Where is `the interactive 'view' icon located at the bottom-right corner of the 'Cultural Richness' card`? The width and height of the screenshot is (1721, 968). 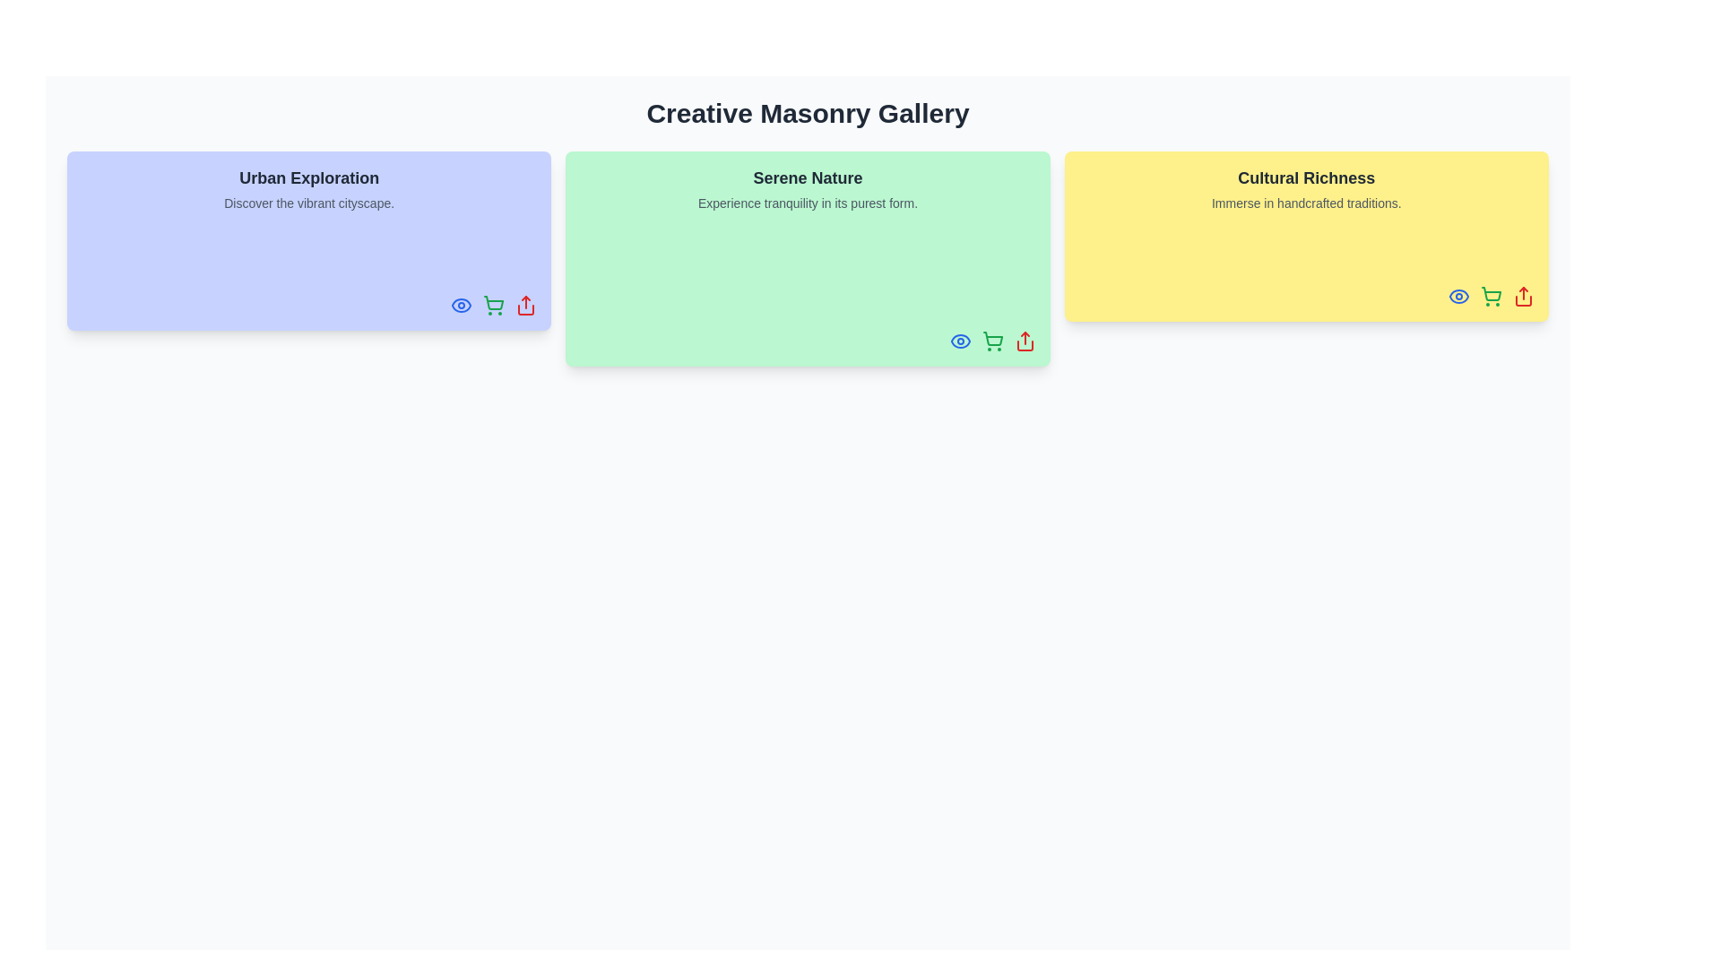 the interactive 'view' icon located at the bottom-right corner of the 'Cultural Richness' card is located at coordinates (1458, 296).